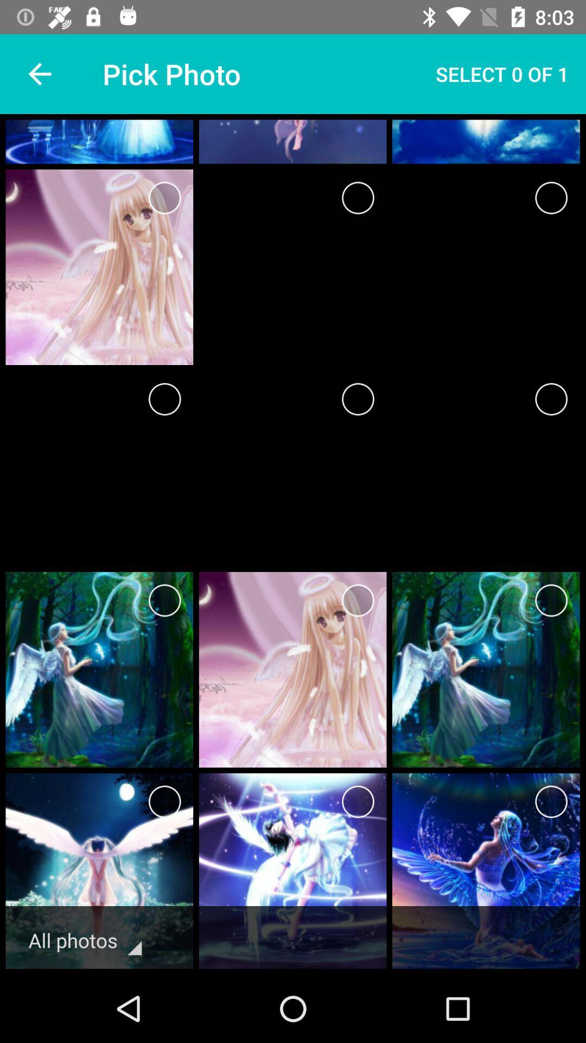 The width and height of the screenshot is (586, 1043). What do you see at coordinates (358, 802) in the screenshot?
I see `the photo` at bounding box center [358, 802].